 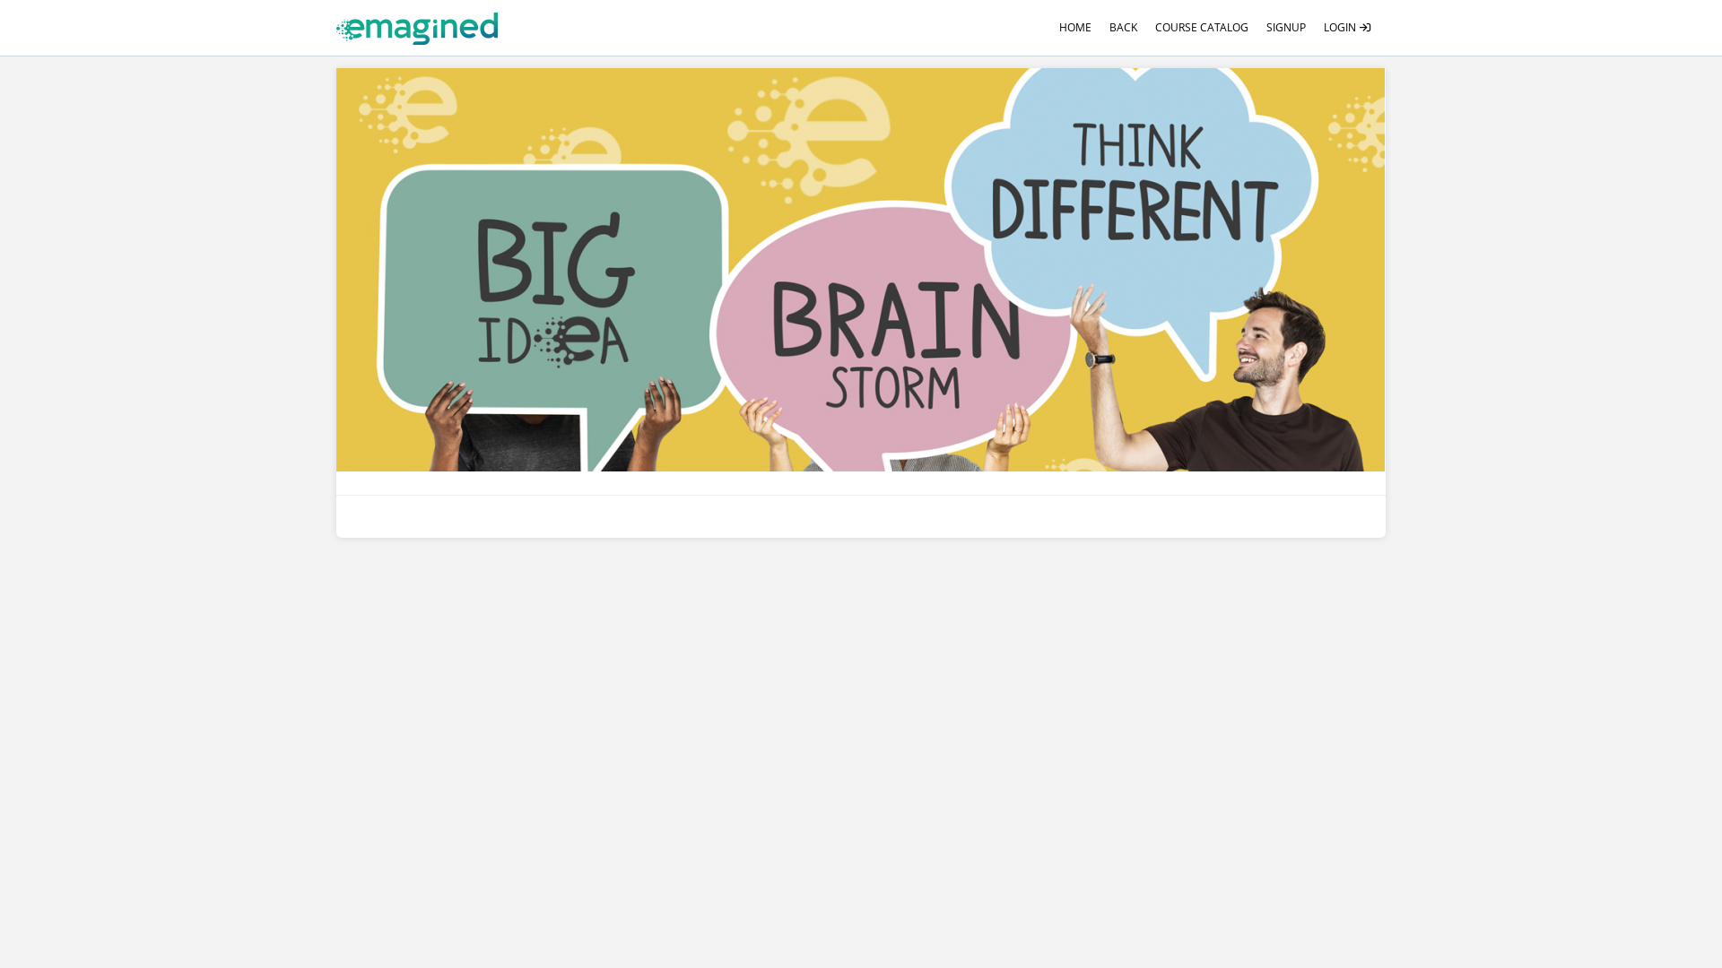 What do you see at coordinates (1201, 27) in the screenshot?
I see `'COURSE CATALOG'` at bounding box center [1201, 27].